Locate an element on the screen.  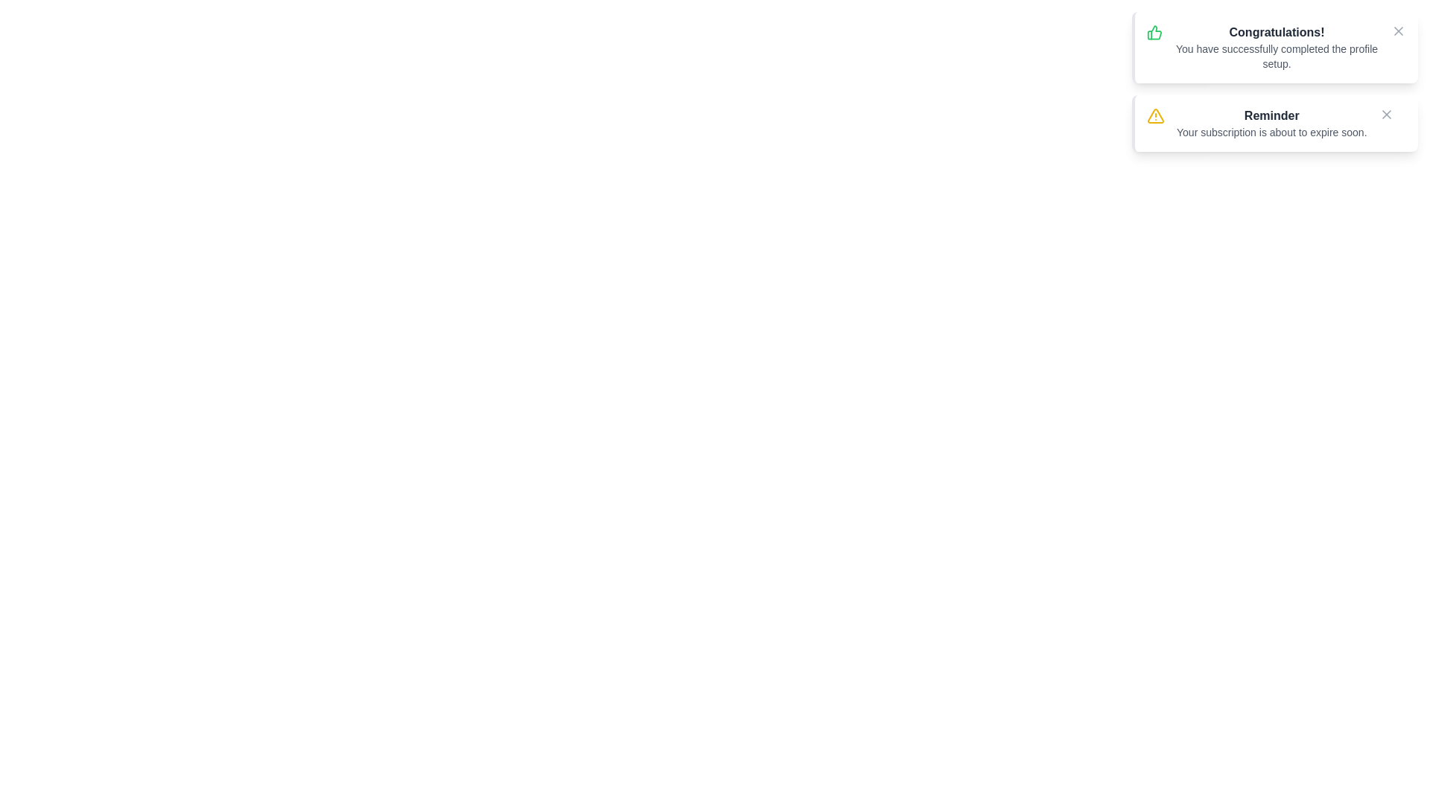
the notification with title 'Reminder' is located at coordinates (1274, 122).